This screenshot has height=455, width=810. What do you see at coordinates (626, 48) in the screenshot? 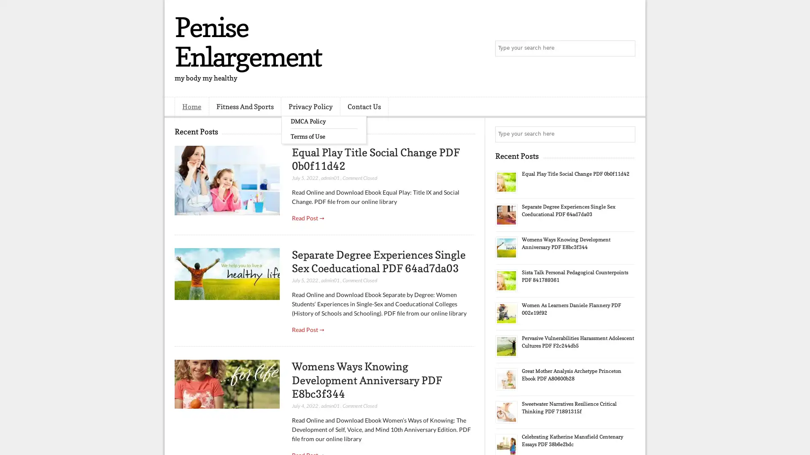
I see `Search` at bounding box center [626, 48].